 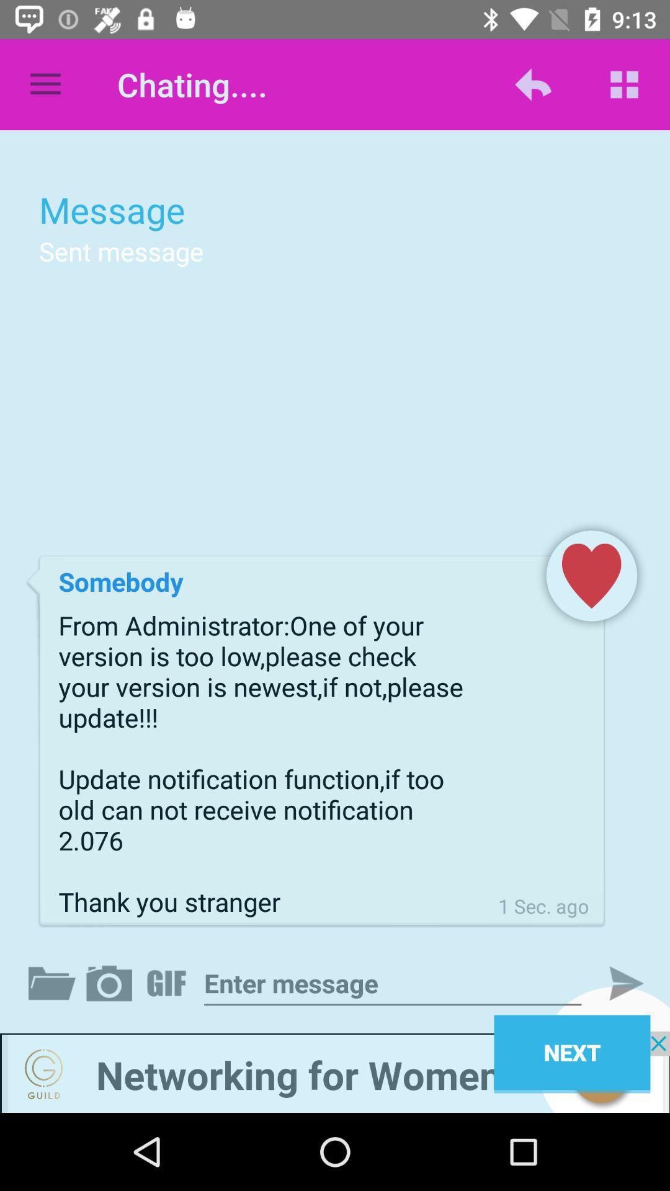 What do you see at coordinates (169, 983) in the screenshot?
I see `gif` at bounding box center [169, 983].